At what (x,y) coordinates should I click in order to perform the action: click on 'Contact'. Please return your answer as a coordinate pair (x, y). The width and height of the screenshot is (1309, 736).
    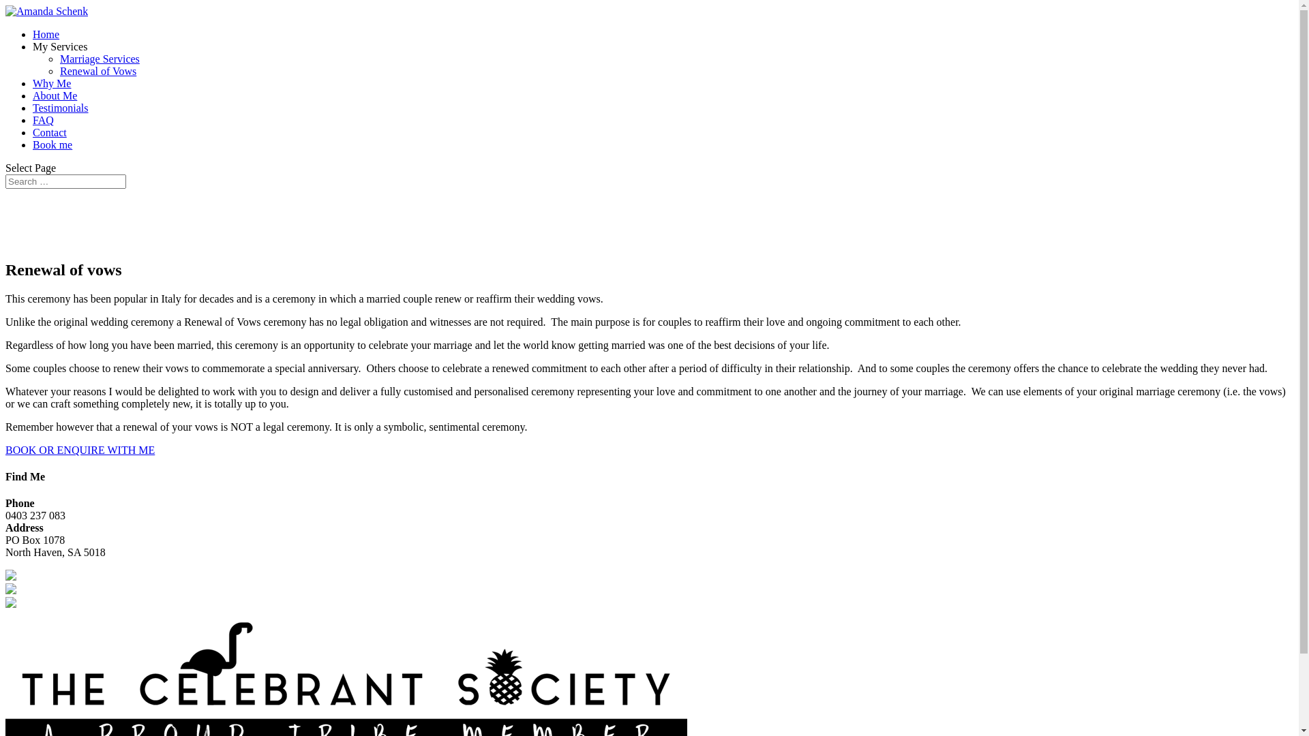
    Looking at the image, I should click on (49, 132).